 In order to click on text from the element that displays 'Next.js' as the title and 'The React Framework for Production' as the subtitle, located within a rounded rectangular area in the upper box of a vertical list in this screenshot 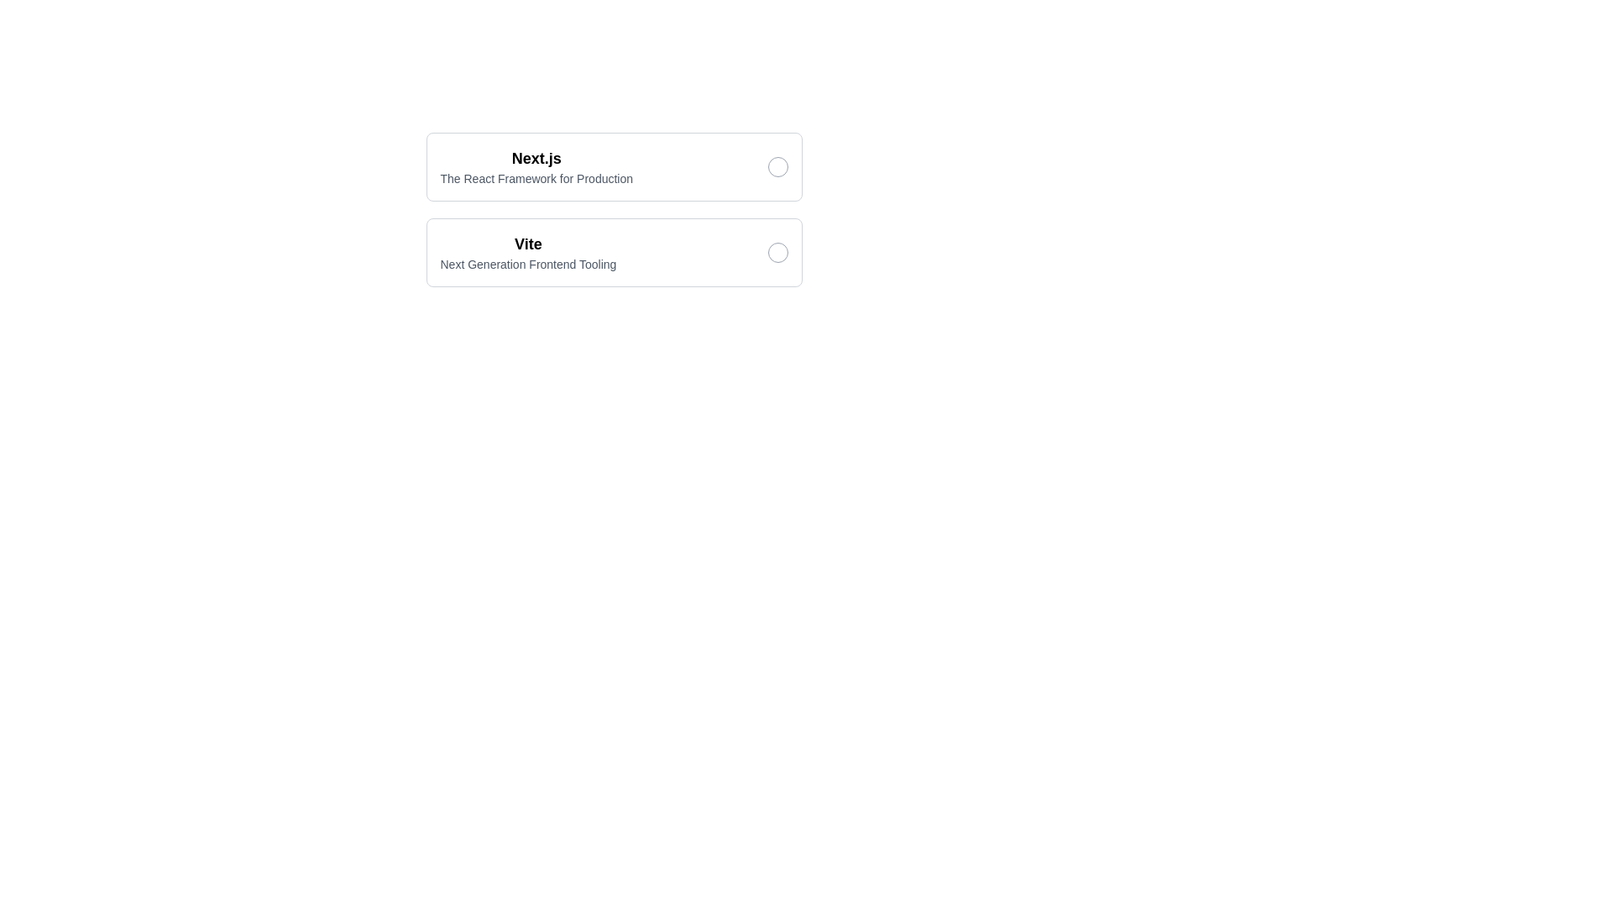, I will do `click(536, 167)`.